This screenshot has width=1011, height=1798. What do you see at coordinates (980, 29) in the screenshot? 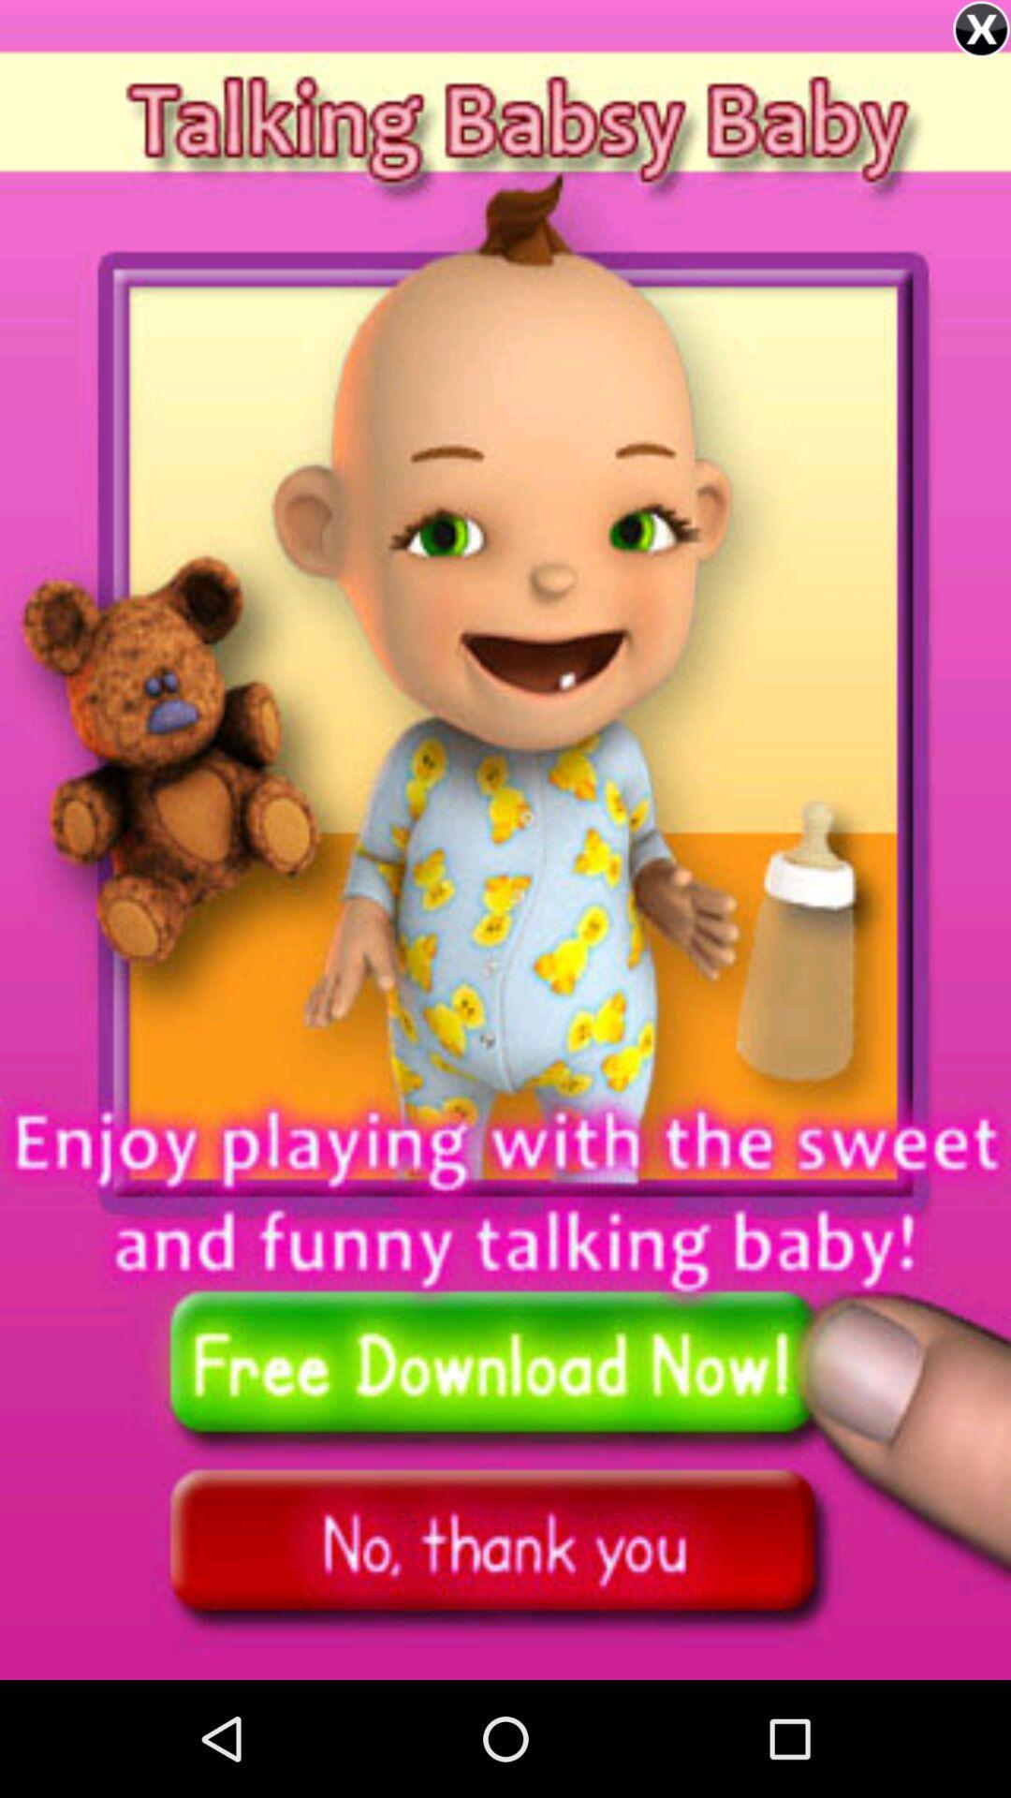
I see `the screen` at bounding box center [980, 29].